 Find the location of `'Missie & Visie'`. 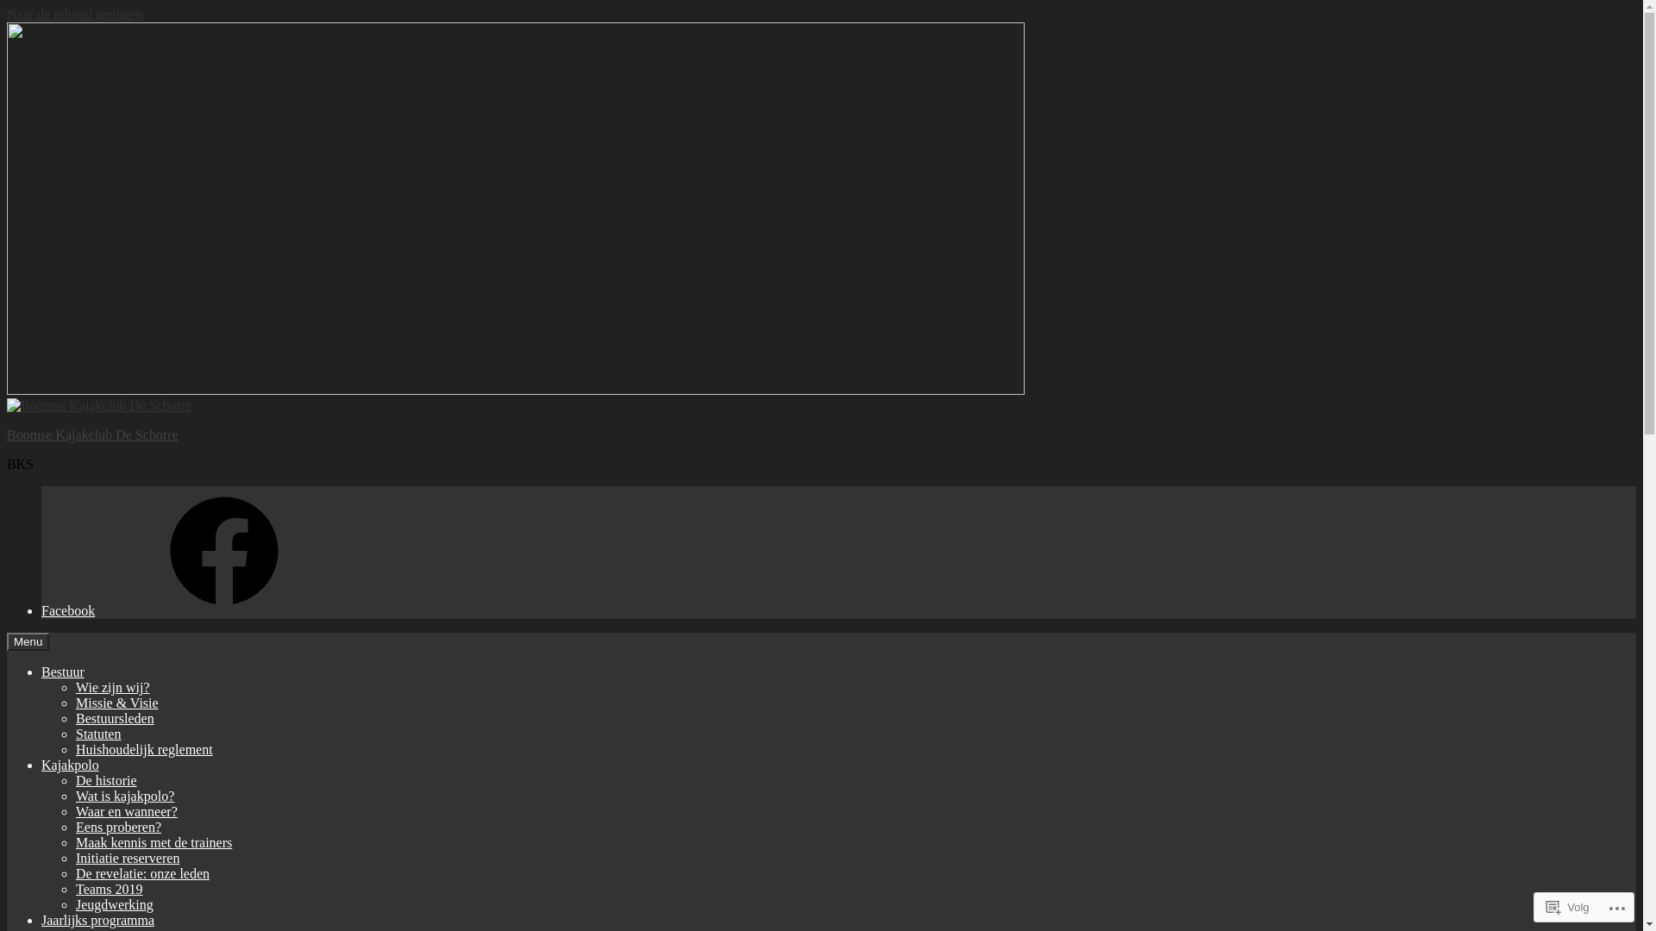

'Missie & Visie' is located at coordinates (116, 703).